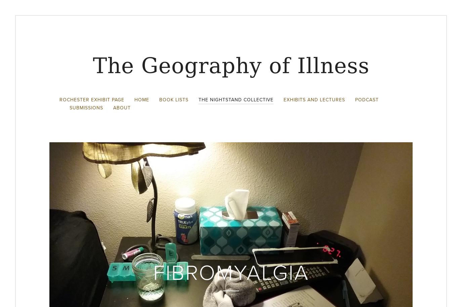  I want to click on 'Exhibits and Lectures', so click(314, 99).